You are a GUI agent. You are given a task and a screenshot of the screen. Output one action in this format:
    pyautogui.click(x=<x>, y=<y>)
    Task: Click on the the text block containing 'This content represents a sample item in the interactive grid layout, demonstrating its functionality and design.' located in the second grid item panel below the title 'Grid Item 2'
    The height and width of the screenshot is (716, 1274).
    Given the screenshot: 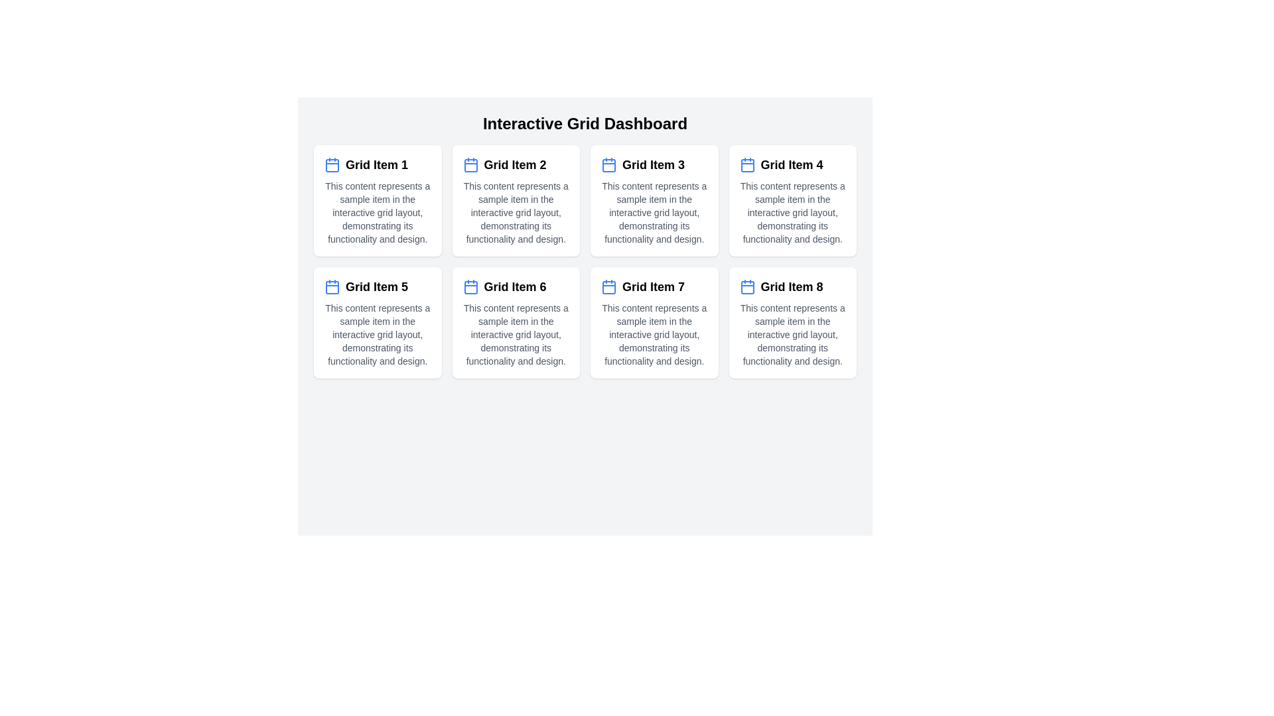 What is the action you would take?
    pyautogui.click(x=515, y=211)
    